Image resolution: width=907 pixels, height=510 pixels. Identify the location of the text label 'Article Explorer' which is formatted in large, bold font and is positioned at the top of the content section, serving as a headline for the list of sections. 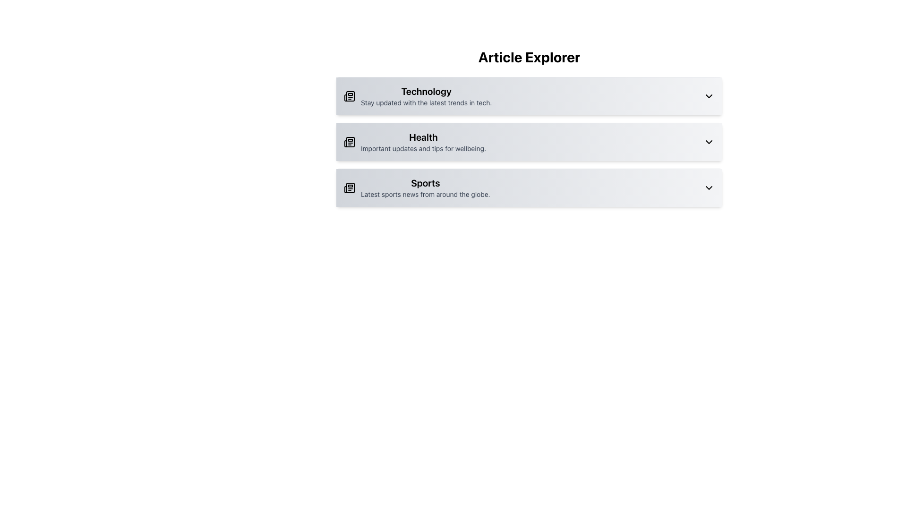
(529, 57).